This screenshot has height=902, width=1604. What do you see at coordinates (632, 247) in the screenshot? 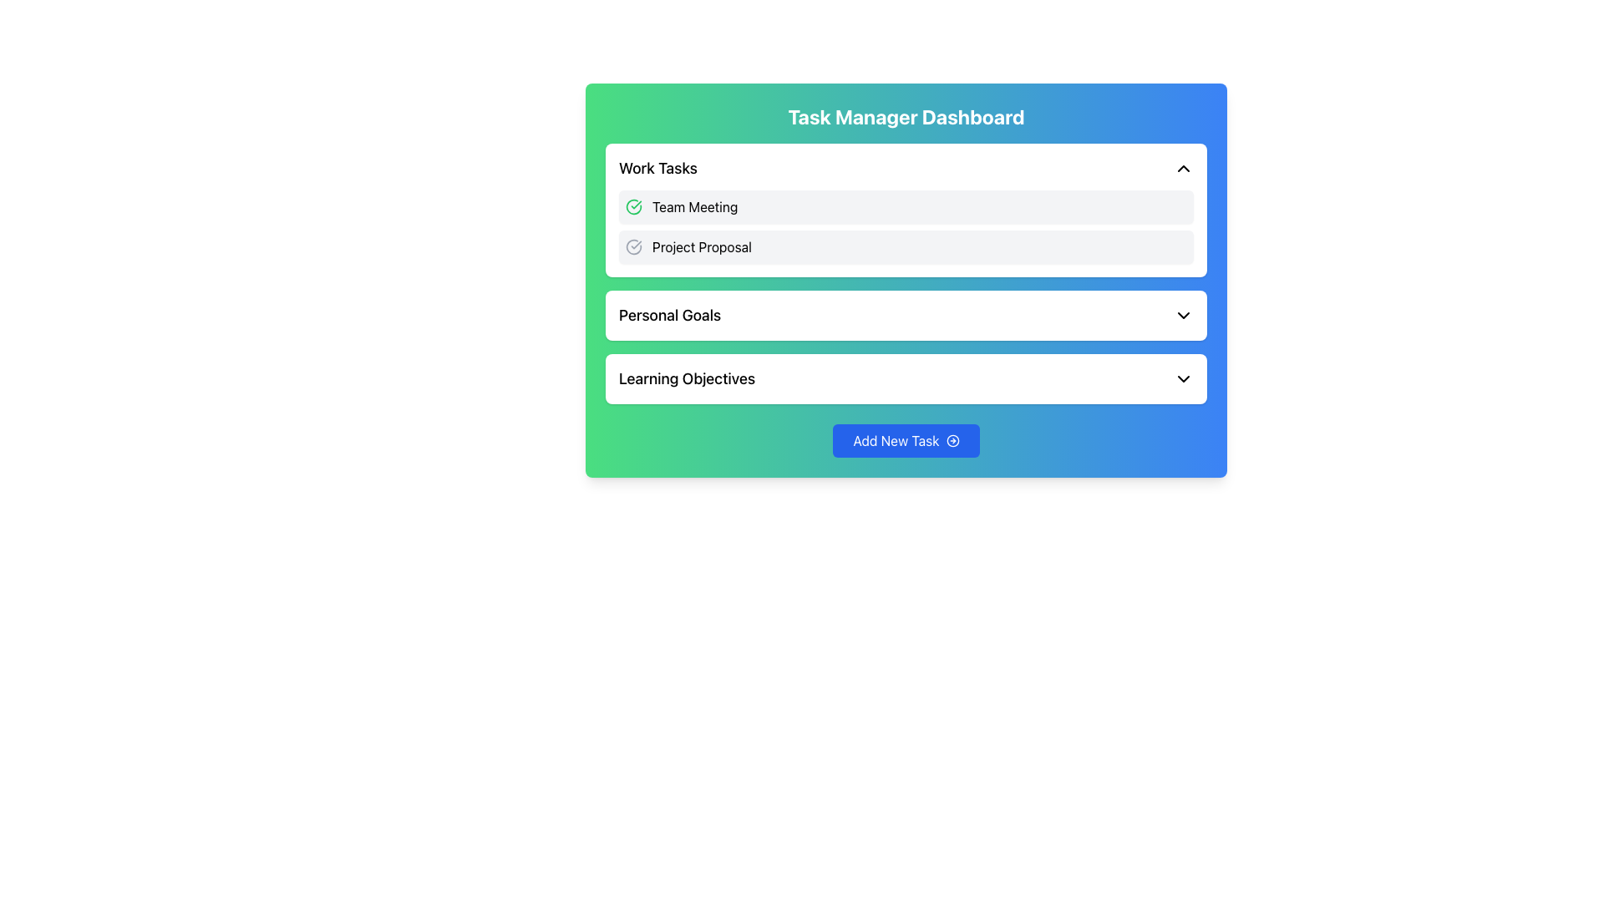
I see `the decorative SVG icon indicating the task status in the 'Work Tasks' section, to the left of the 'Project Proposal' list item` at bounding box center [632, 247].